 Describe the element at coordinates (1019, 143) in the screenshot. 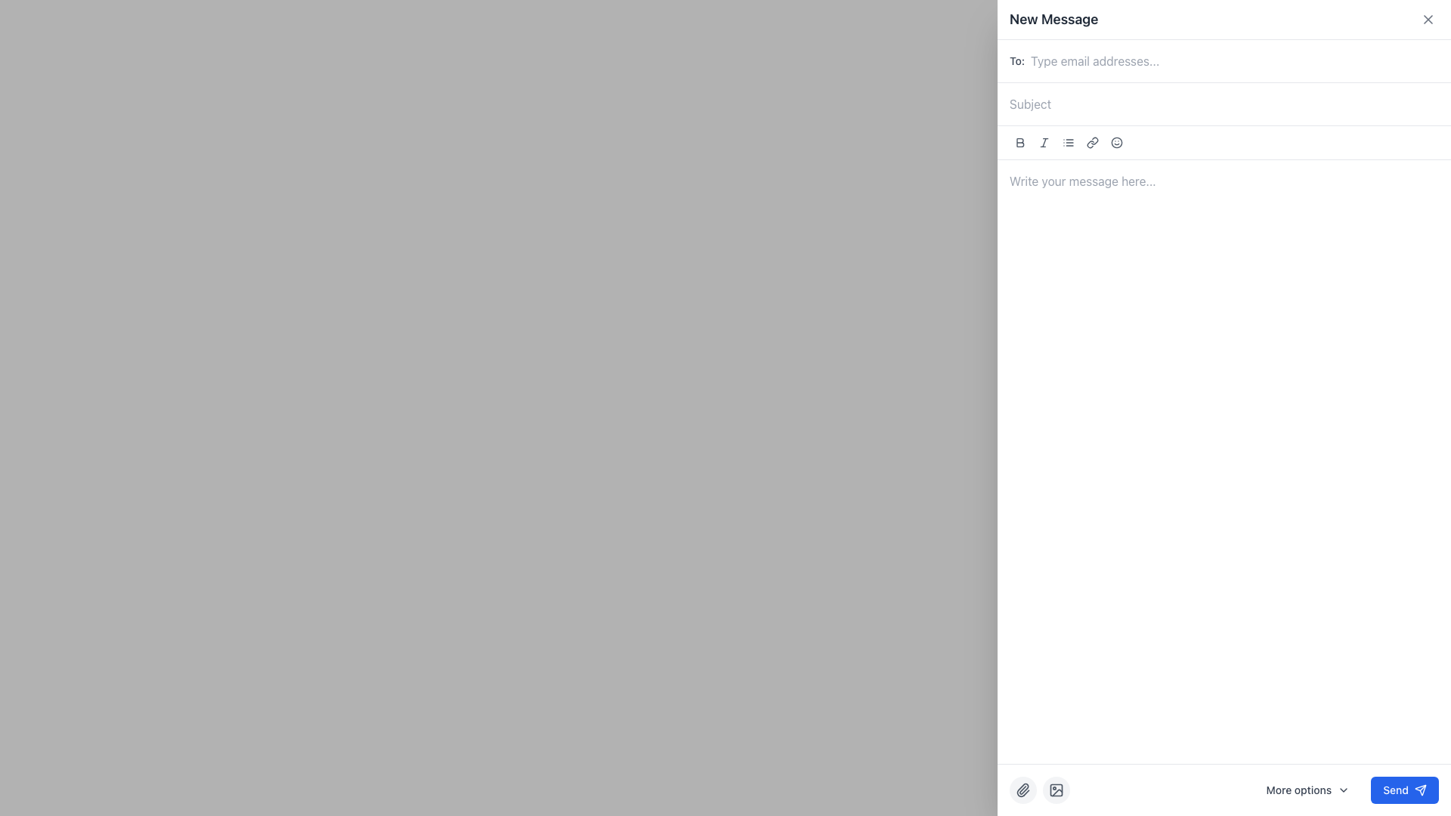

I see `the bold 'B' icon button in the toolbar` at that location.